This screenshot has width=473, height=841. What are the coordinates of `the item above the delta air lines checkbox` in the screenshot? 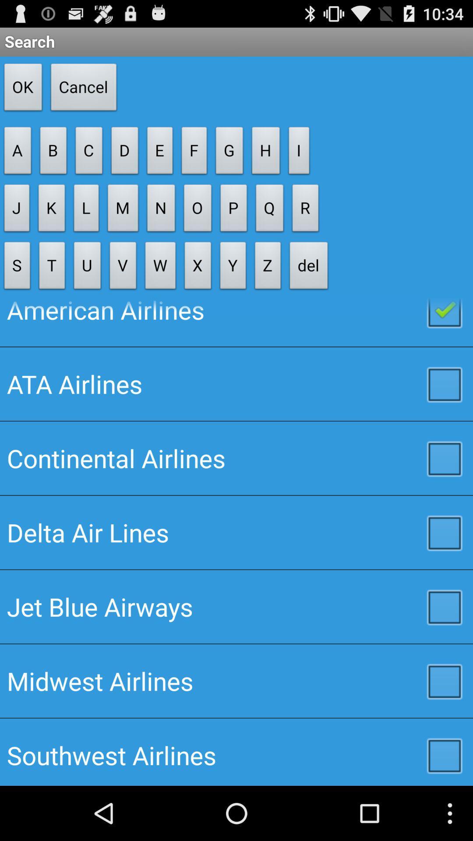 It's located at (236, 458).